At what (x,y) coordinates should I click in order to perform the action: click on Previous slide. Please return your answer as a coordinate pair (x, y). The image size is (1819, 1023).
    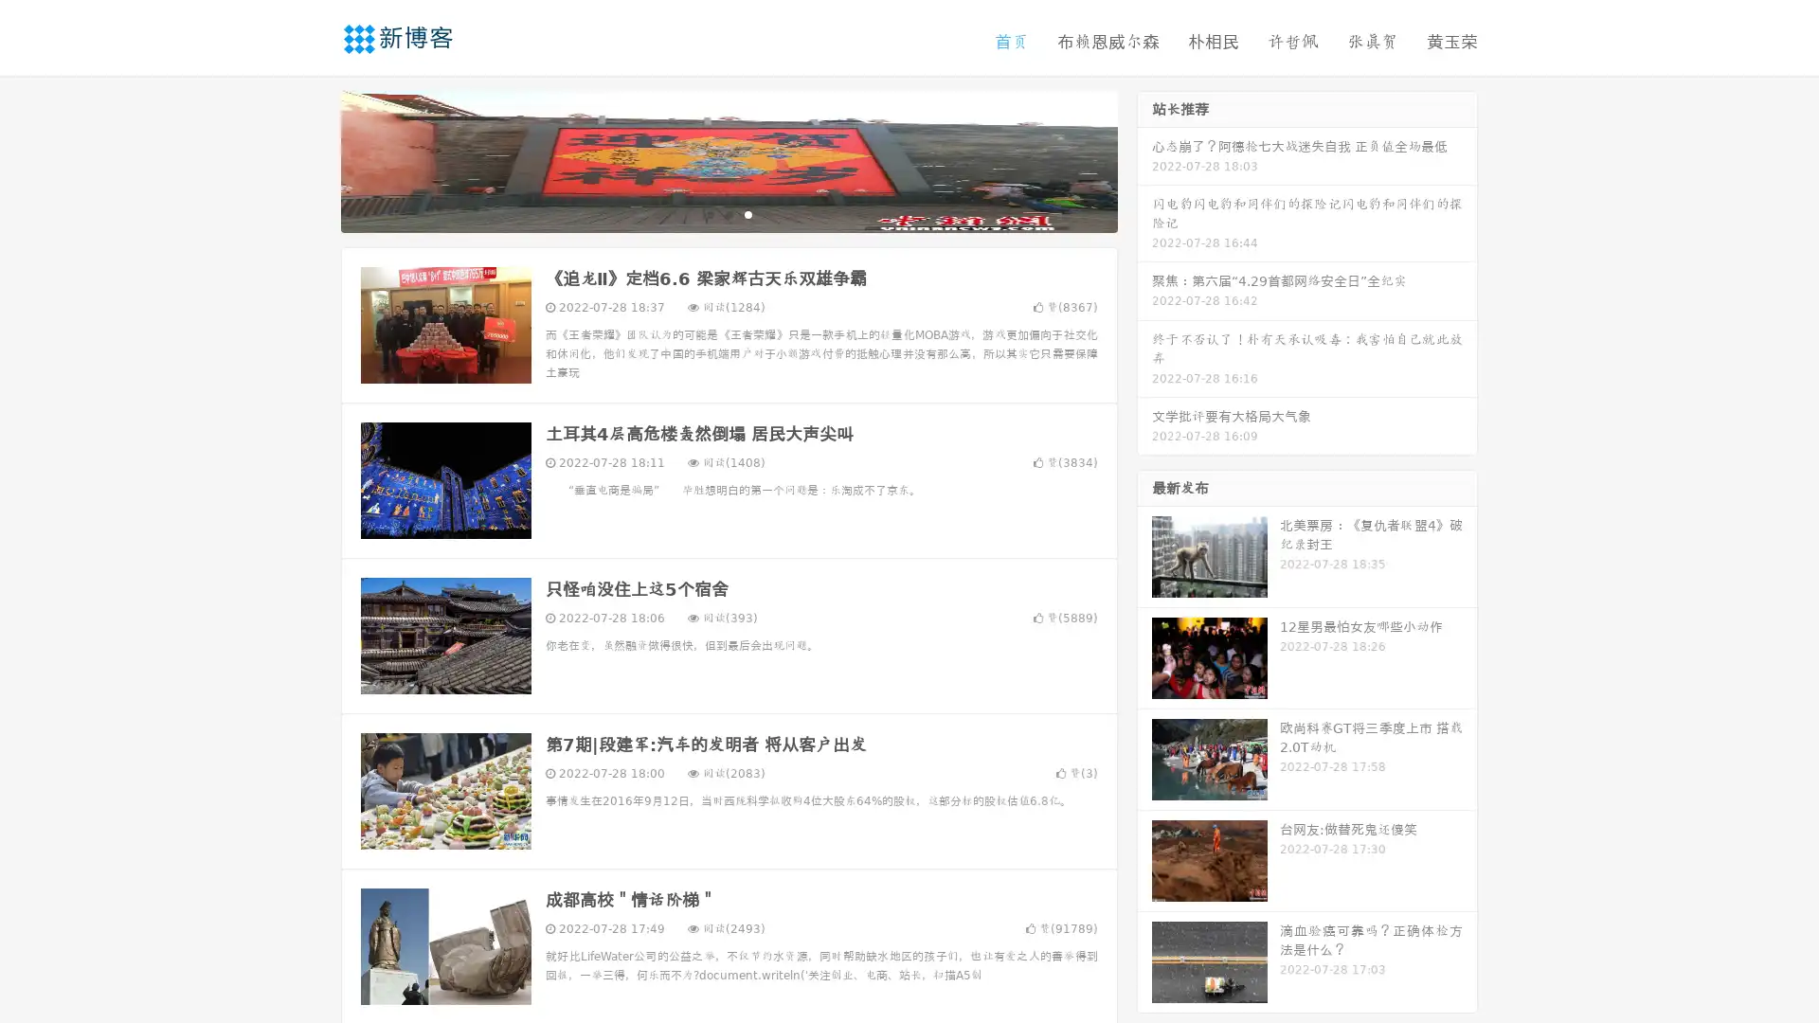
    Looking at the image, I should click on (313, 159).